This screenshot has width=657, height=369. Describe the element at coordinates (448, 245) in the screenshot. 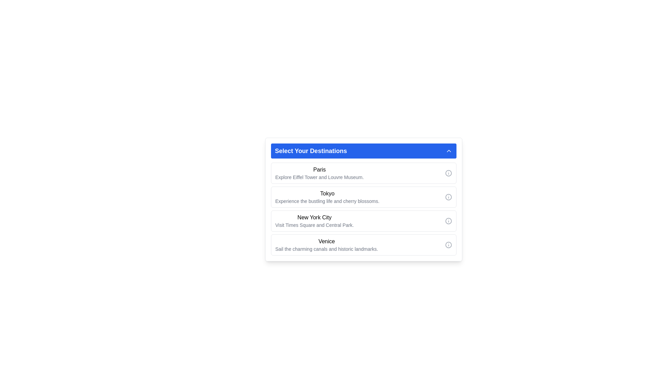

I see `the circular component of the icon located to the right of the Venice list item in the selection panel` at that location.